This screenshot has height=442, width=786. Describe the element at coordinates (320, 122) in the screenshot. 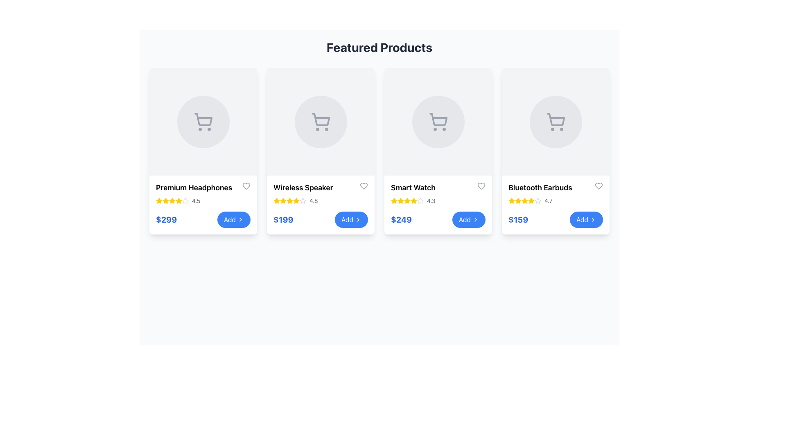

I see `the second shopping cart icon within the 'Wireless Speaker' card, which is styled with a minimalist design and a circular gray background` at that location.